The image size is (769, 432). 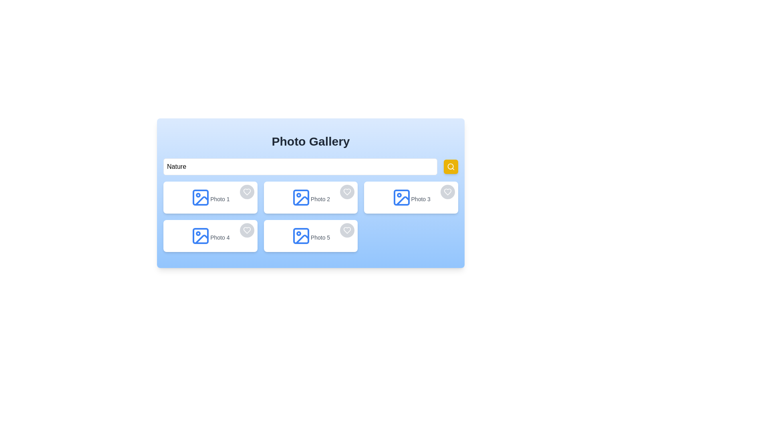 I want to click on the heart-shaped SVG icon located in the top-right corner of the card for 'Photo 3' in the photo gallery grid layout, so click(x=447, y=192).